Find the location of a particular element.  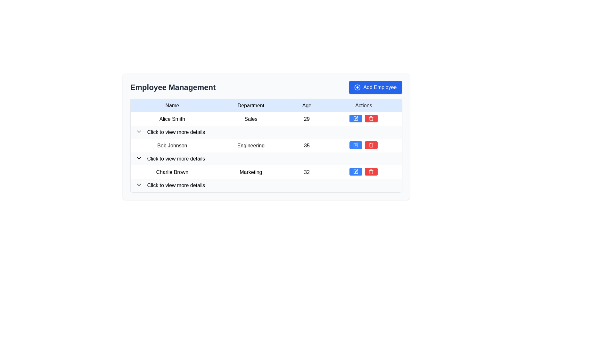

the 'Add Employee' button located in the top-right corner of the 'Employee Management' header section is located at coordinates (375, 87).